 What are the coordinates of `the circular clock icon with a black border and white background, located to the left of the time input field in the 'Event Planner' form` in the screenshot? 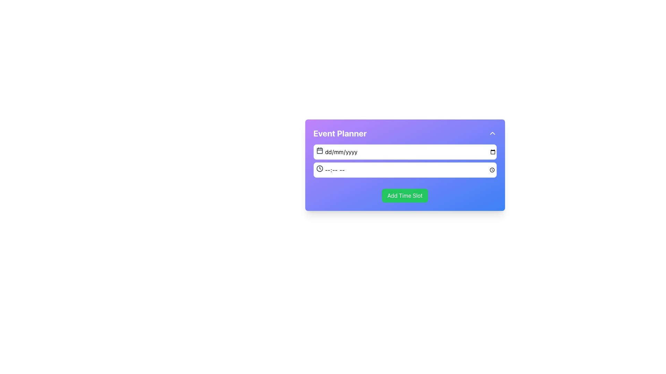 It's located at (319, 168).